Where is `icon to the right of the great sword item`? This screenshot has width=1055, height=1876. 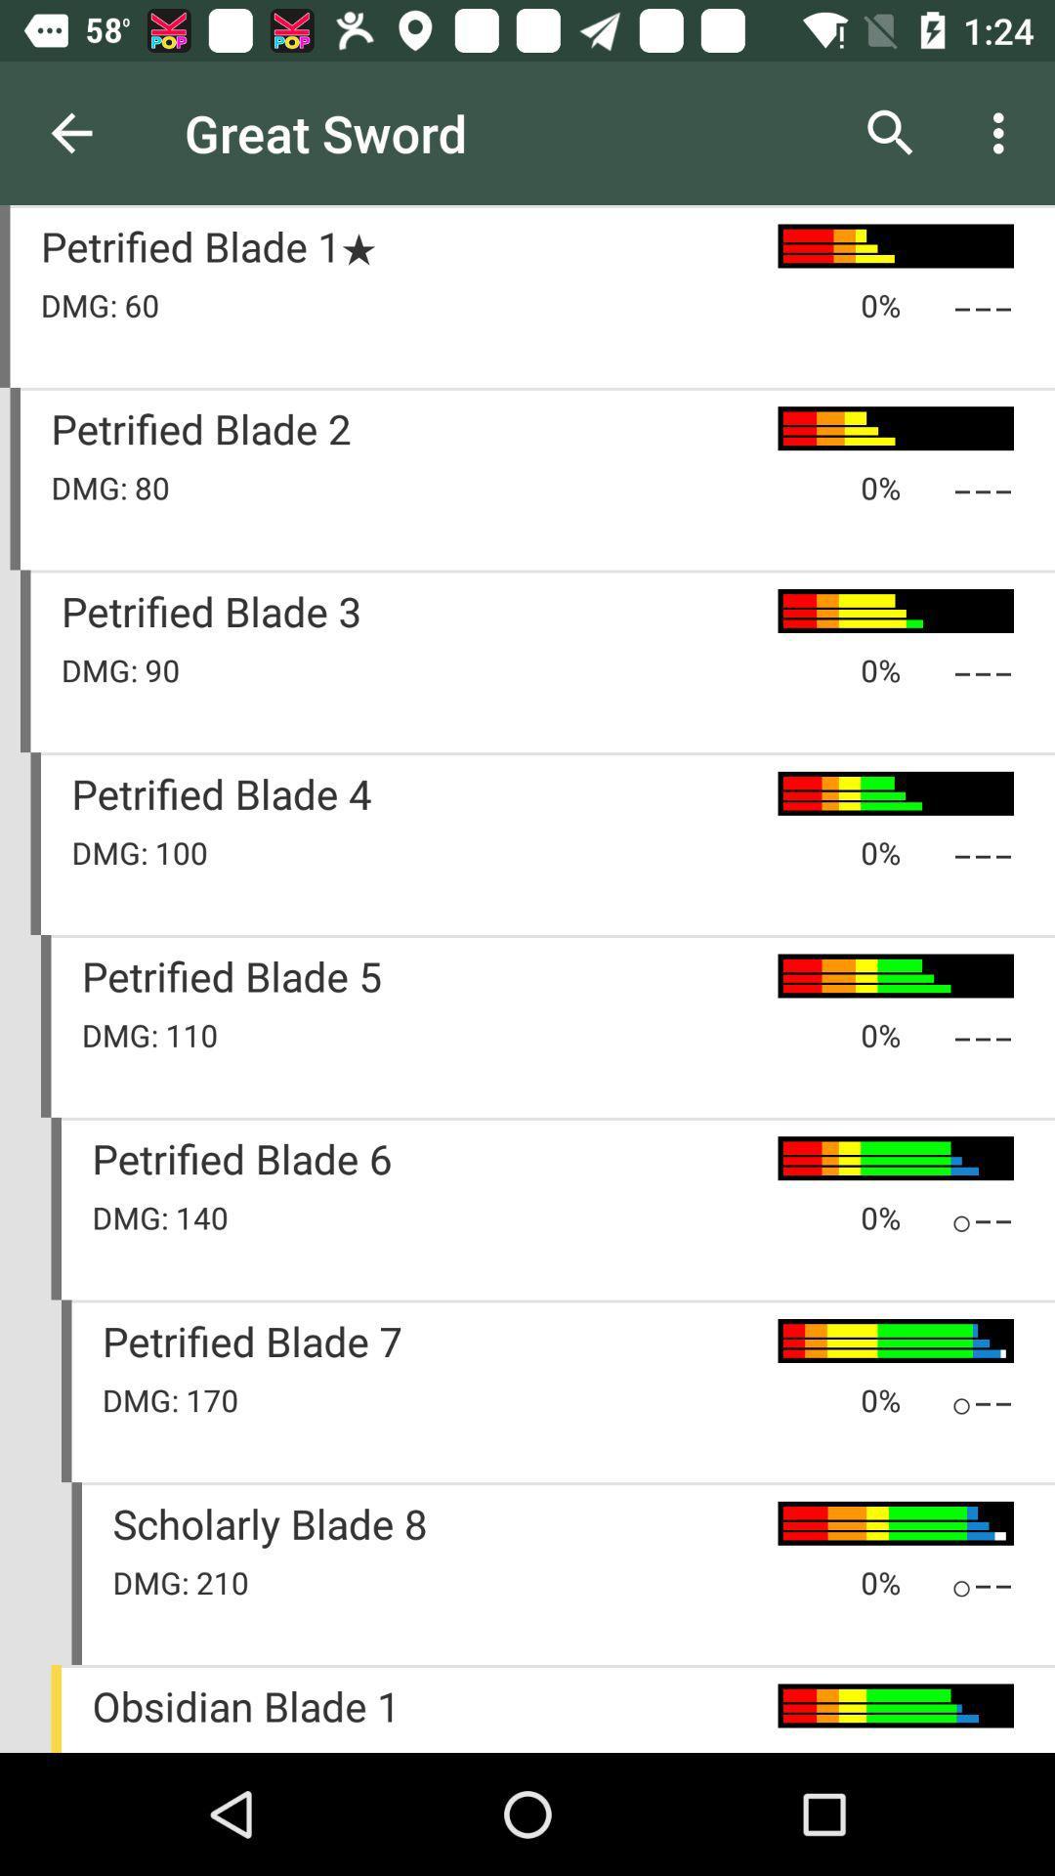
icon to the right of the great sword item is located at coordinates (890, 132).